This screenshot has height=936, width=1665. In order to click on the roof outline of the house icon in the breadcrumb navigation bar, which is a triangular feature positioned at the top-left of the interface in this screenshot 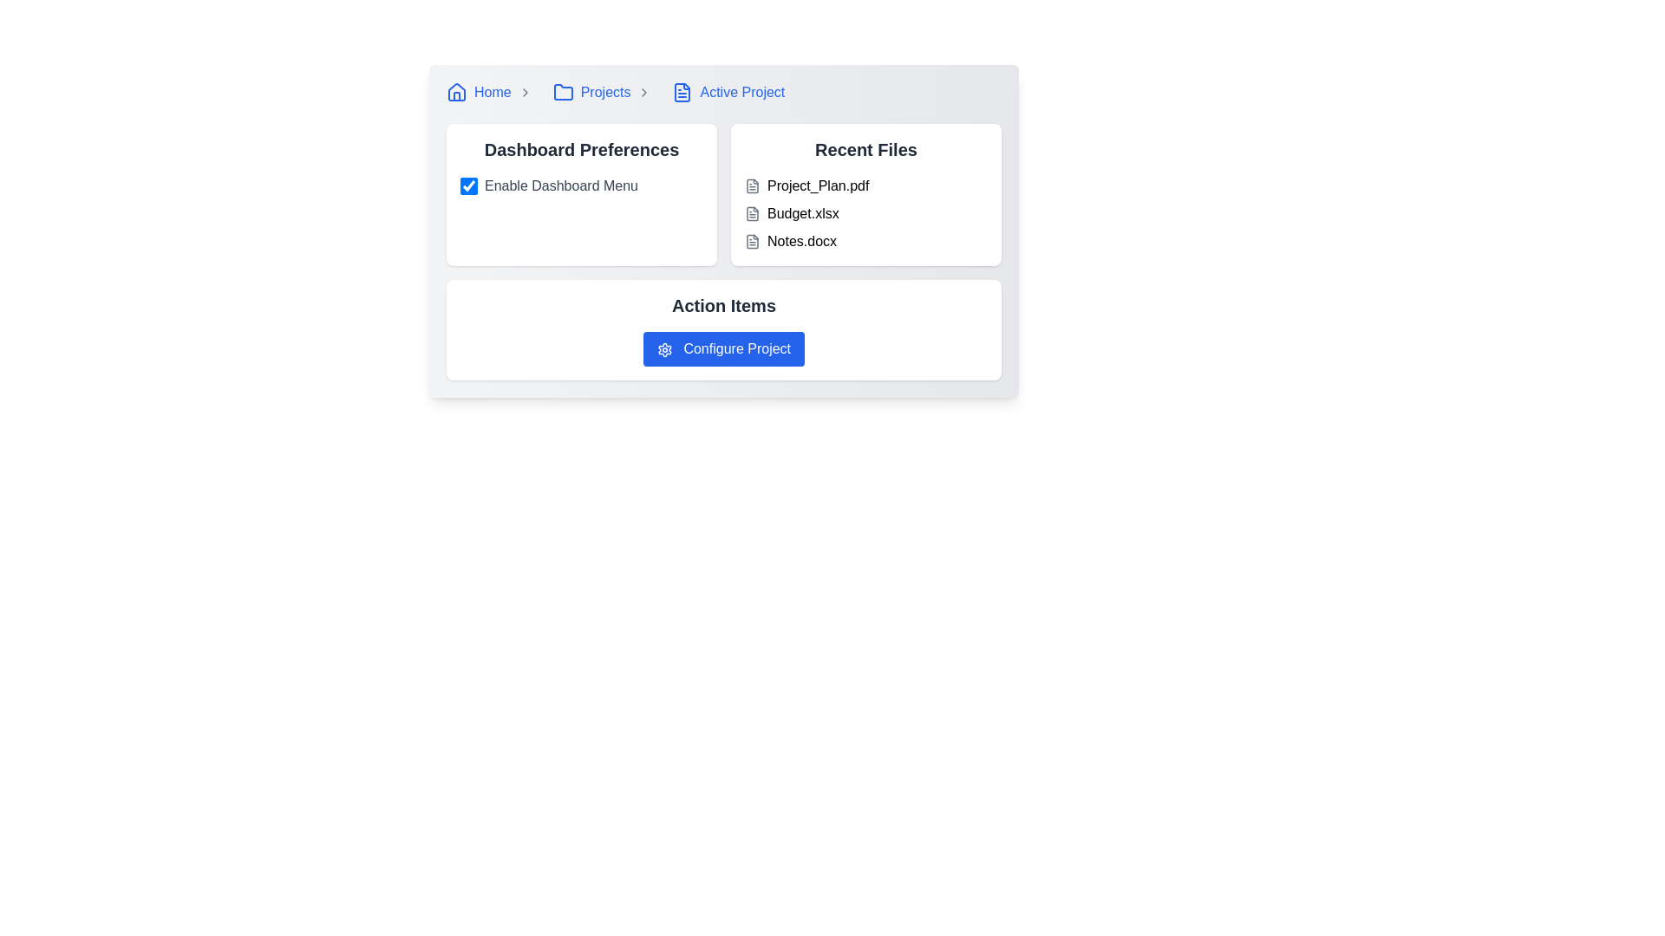, I will do `click(457, 91)`.